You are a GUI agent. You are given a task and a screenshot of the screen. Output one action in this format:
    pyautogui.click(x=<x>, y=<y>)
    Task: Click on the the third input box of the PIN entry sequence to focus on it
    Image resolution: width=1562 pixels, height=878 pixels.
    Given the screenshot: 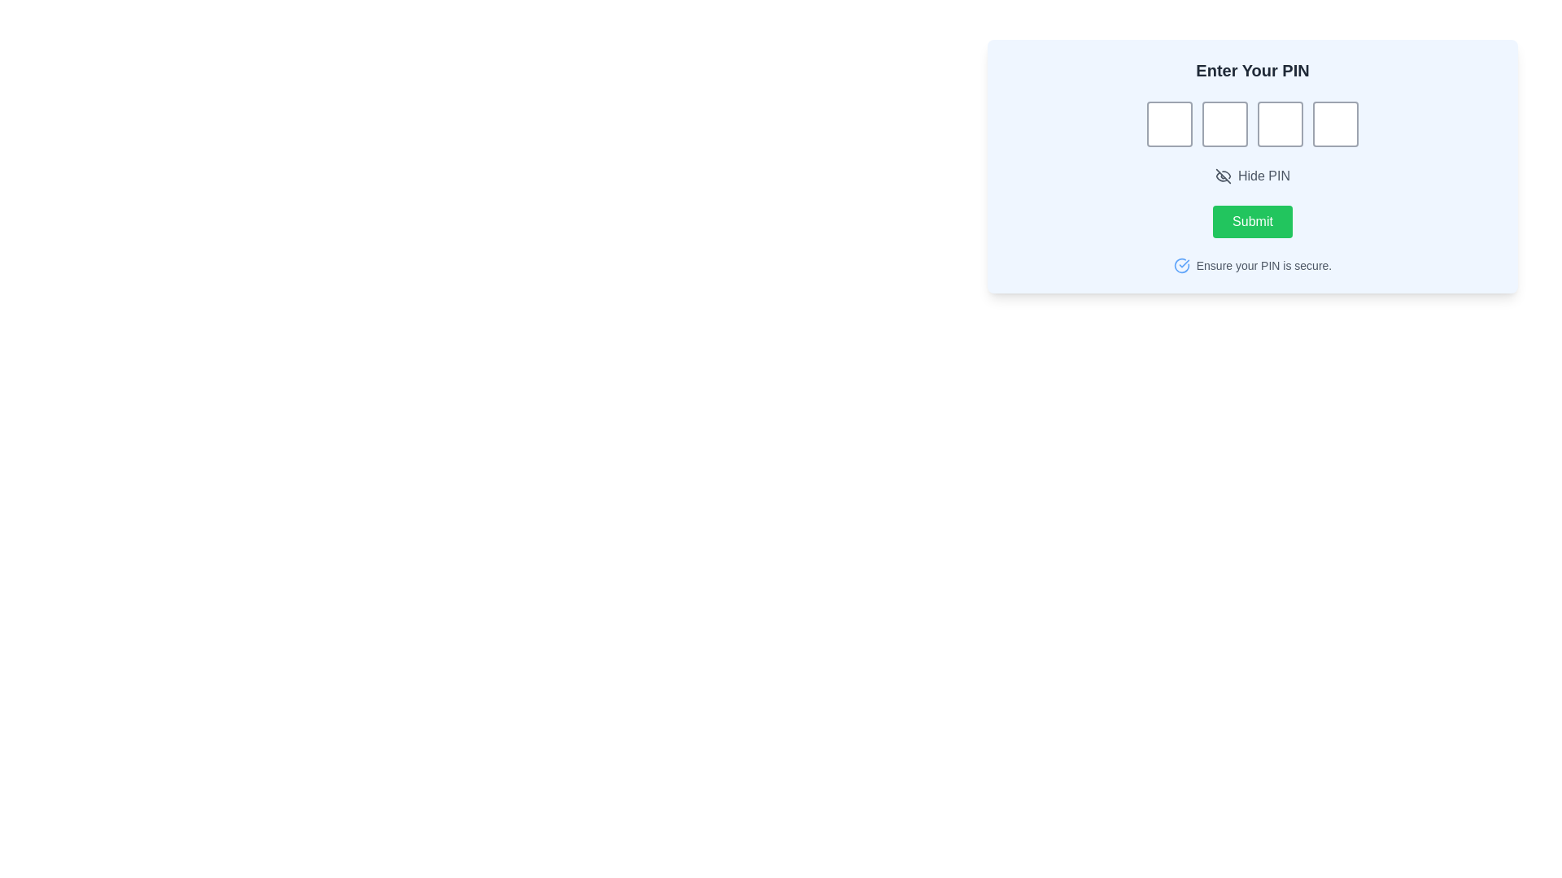 What is the action you would take?
    pyautogui.click(x=1280, y=124)
    